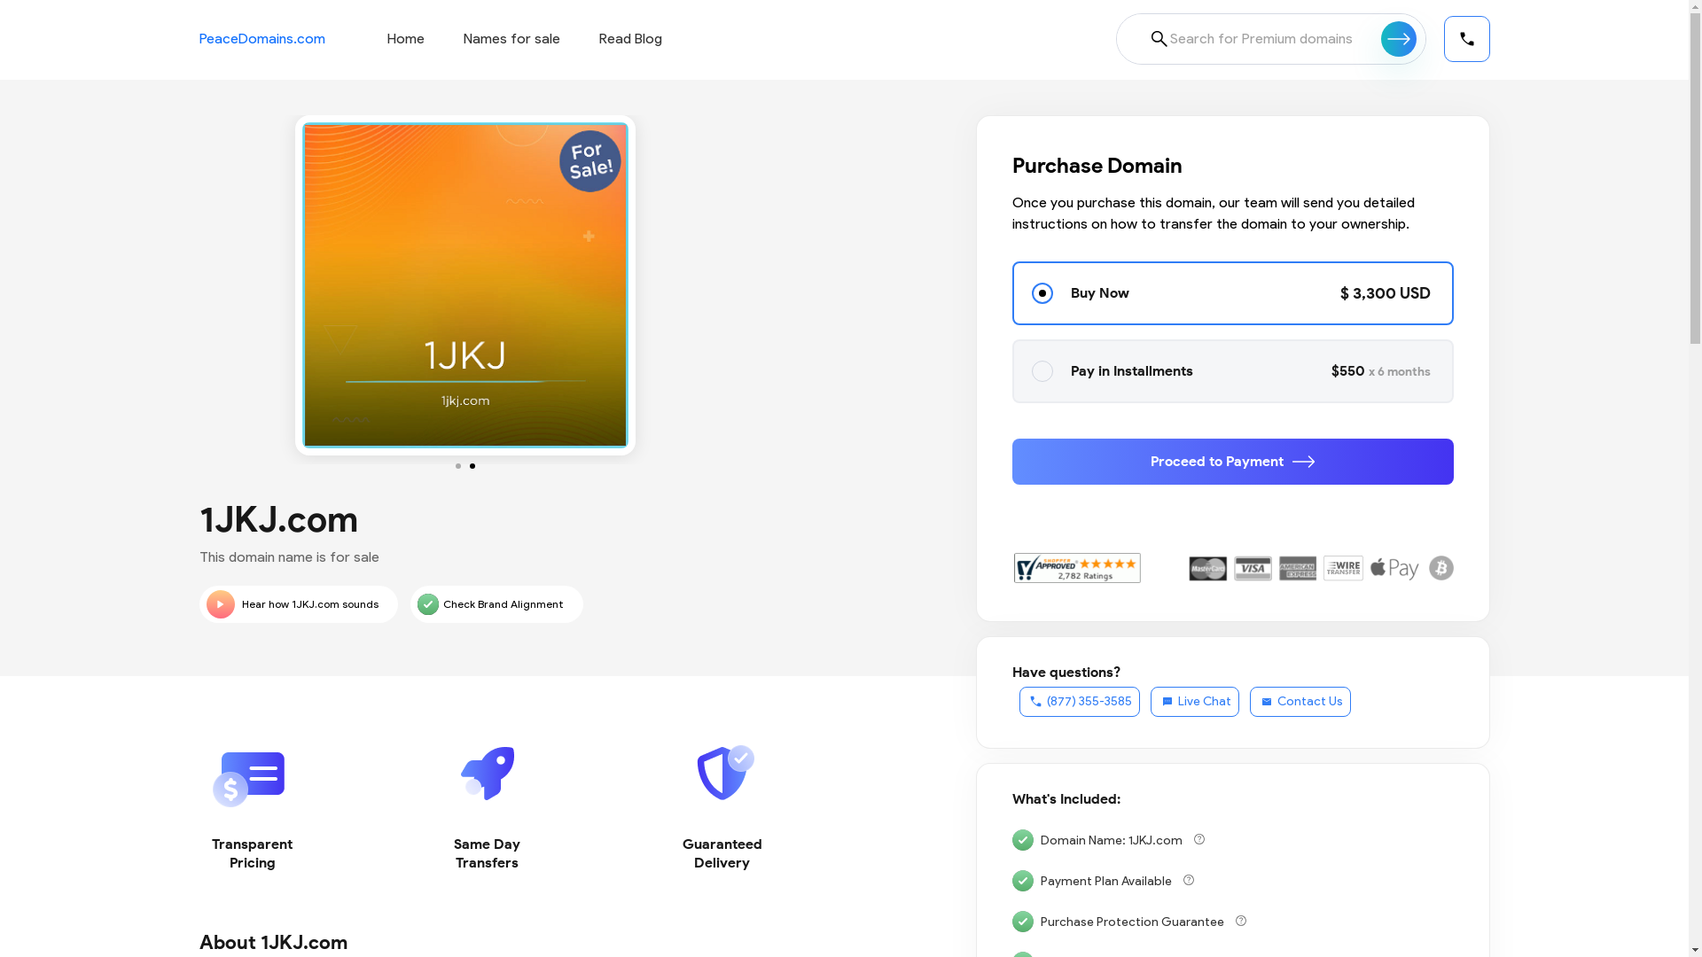 This screenshot has width=1702, height=957. Describe the element at coordinates (496, 603) in the screenshot. I see `'Check Brand Alignment'` at that location.